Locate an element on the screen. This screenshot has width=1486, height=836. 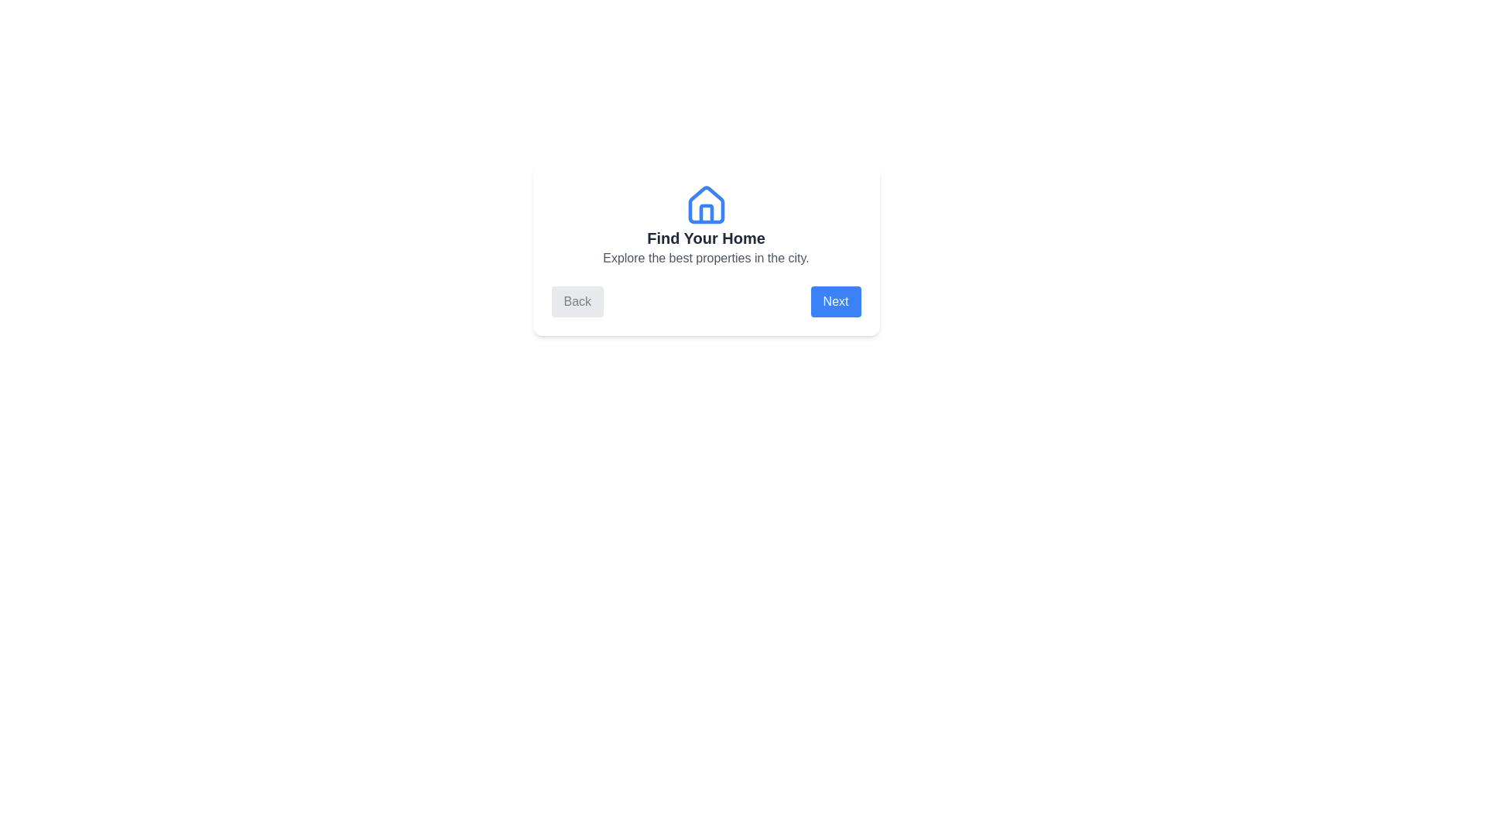
the icon associated with the current step to examine its details is located at coordinates (705, 205).